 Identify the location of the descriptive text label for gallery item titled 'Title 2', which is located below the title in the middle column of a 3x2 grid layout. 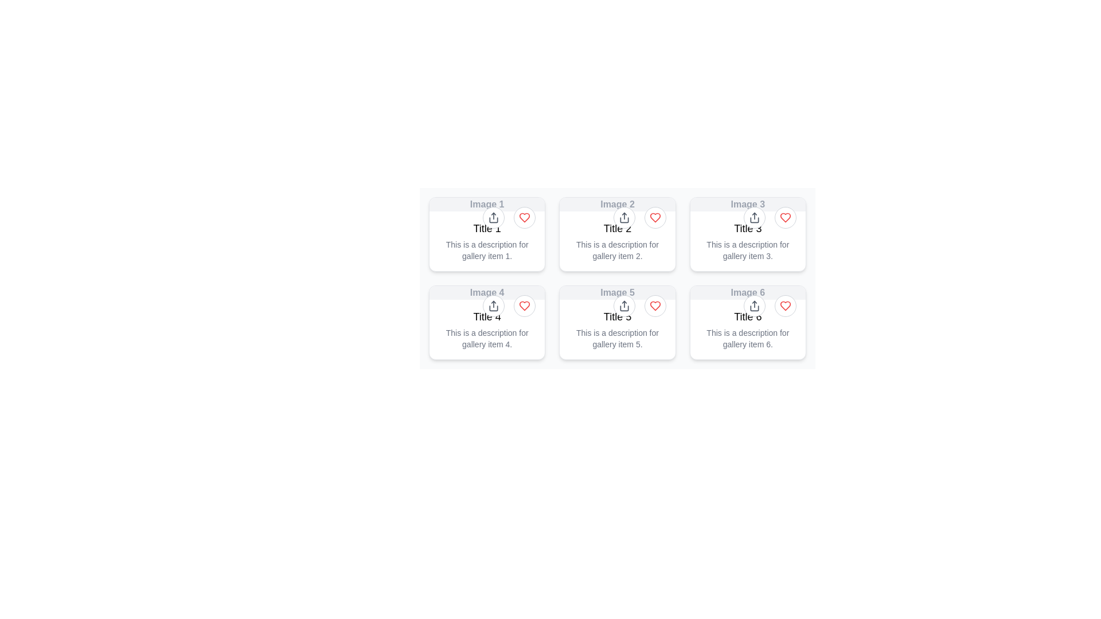
(616, 249).